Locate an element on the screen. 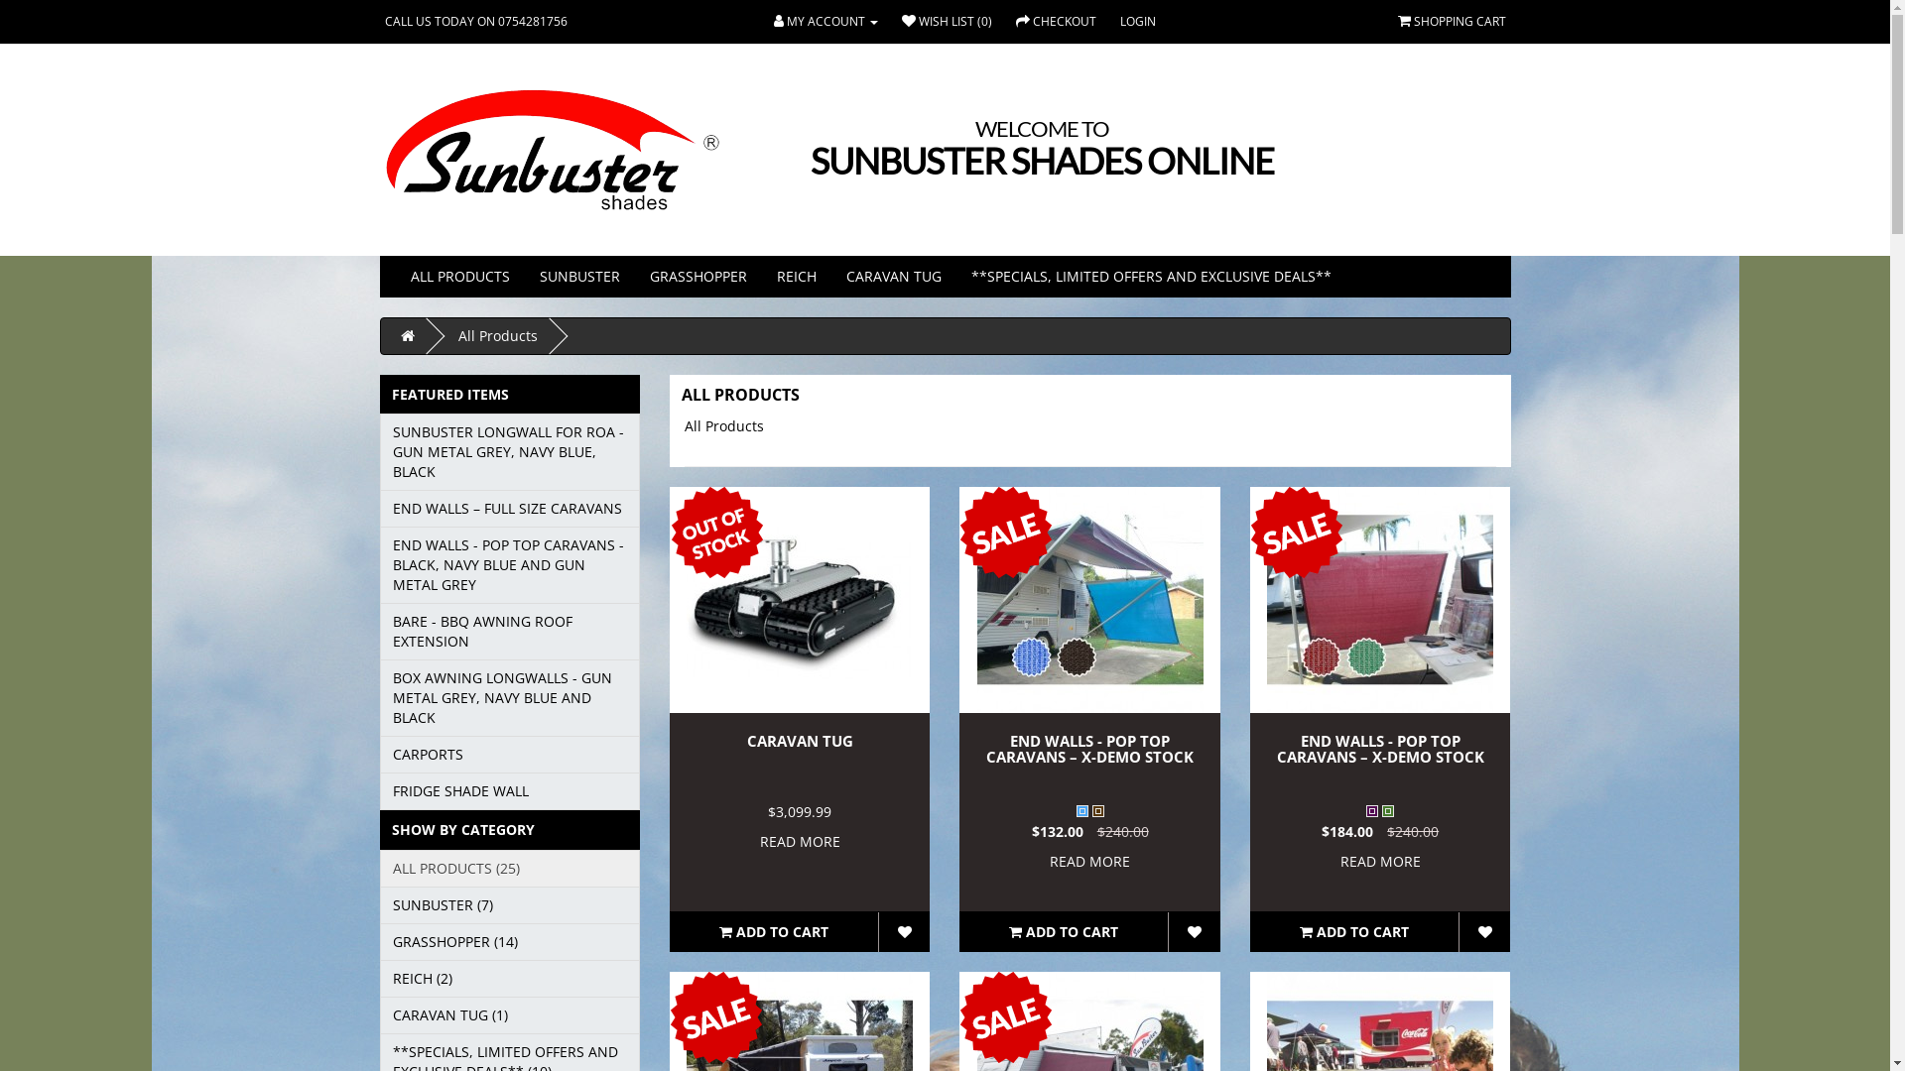 This screenshot has height=1071, width=1905. 'CARPORTS' is located at coordinates (509, 754).